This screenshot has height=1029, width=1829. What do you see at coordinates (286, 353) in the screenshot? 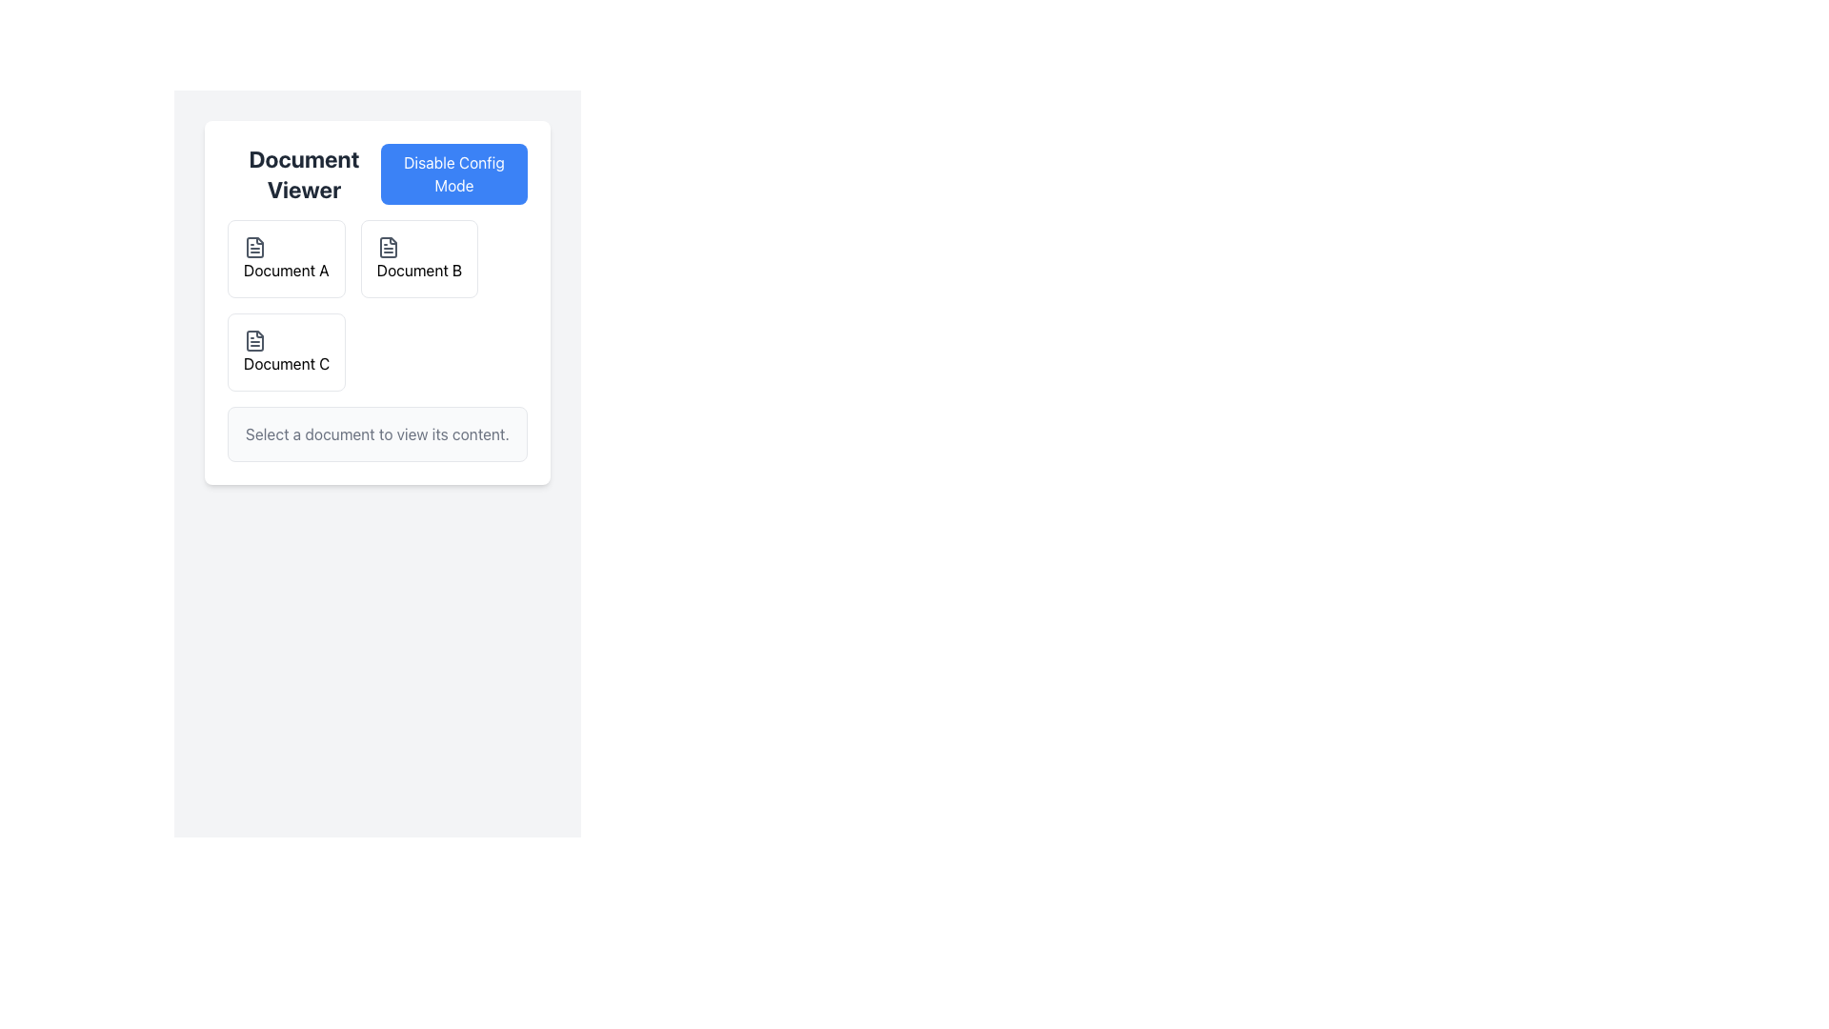
I see `the button in the document viewer interface` at bounding box center [286, 353].